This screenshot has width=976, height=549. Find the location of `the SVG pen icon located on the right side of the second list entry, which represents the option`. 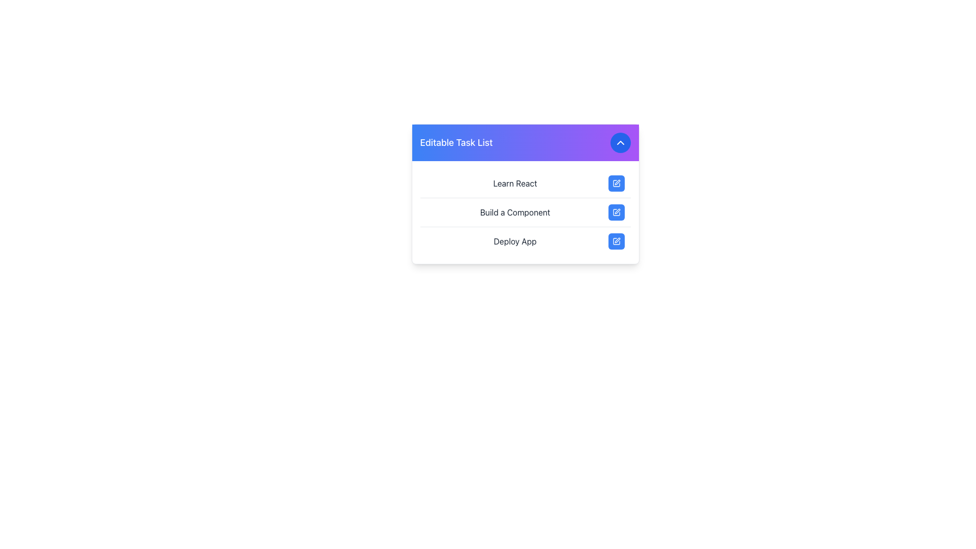

the SVG pen icon located on the right side of the second list entry, which represents the option is located at coordinates (617, 211).